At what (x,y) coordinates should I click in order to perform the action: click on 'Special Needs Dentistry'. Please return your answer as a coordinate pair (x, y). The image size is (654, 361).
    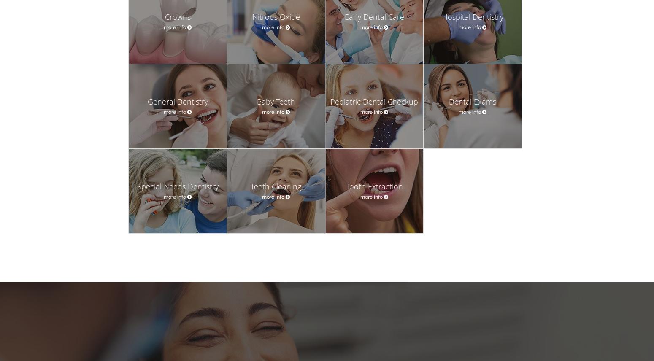
    Looking at the image, I should click on (177, 186).